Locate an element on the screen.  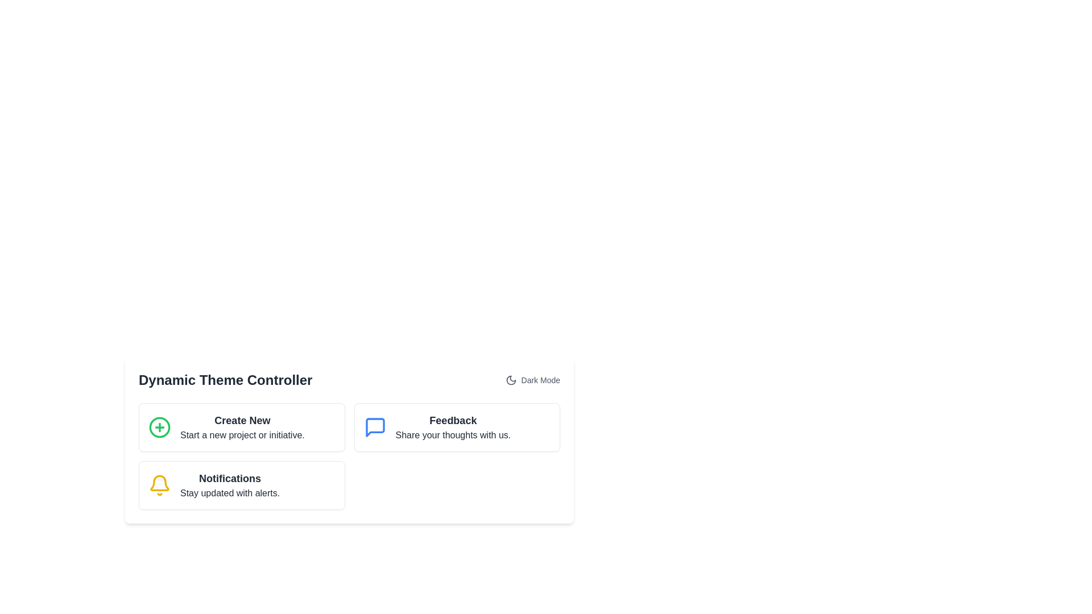
the text block containing the title 'Feedback' and the description 'Share your thoughts with us.' is located at coordinates (452, 428).